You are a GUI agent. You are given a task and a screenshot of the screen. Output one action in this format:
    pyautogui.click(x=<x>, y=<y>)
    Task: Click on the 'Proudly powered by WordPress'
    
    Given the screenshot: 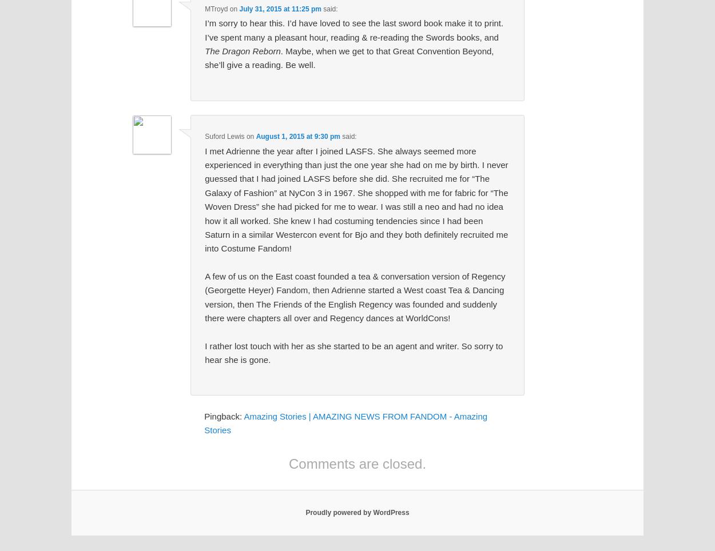 What is the action you would take?
    pyautogui.click(x=305, y=512)
    